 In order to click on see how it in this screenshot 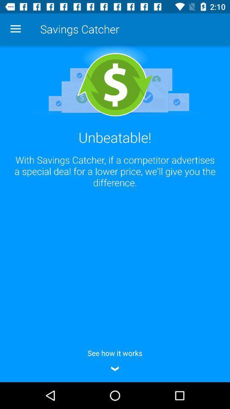, I will do `click(115, 359)`.